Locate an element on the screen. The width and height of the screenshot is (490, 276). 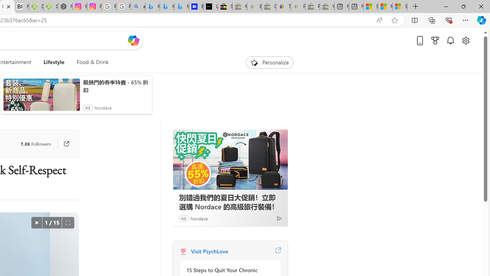
'anim-content' is located at coordinates (41, 97).